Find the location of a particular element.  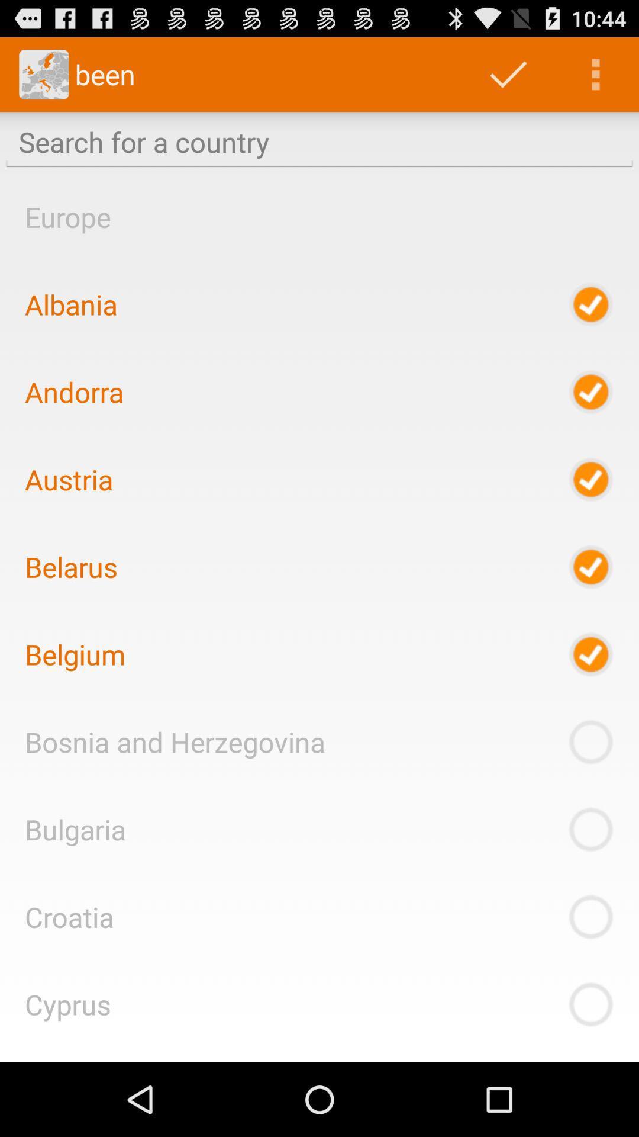

europe is located at coordinates (67, 217).